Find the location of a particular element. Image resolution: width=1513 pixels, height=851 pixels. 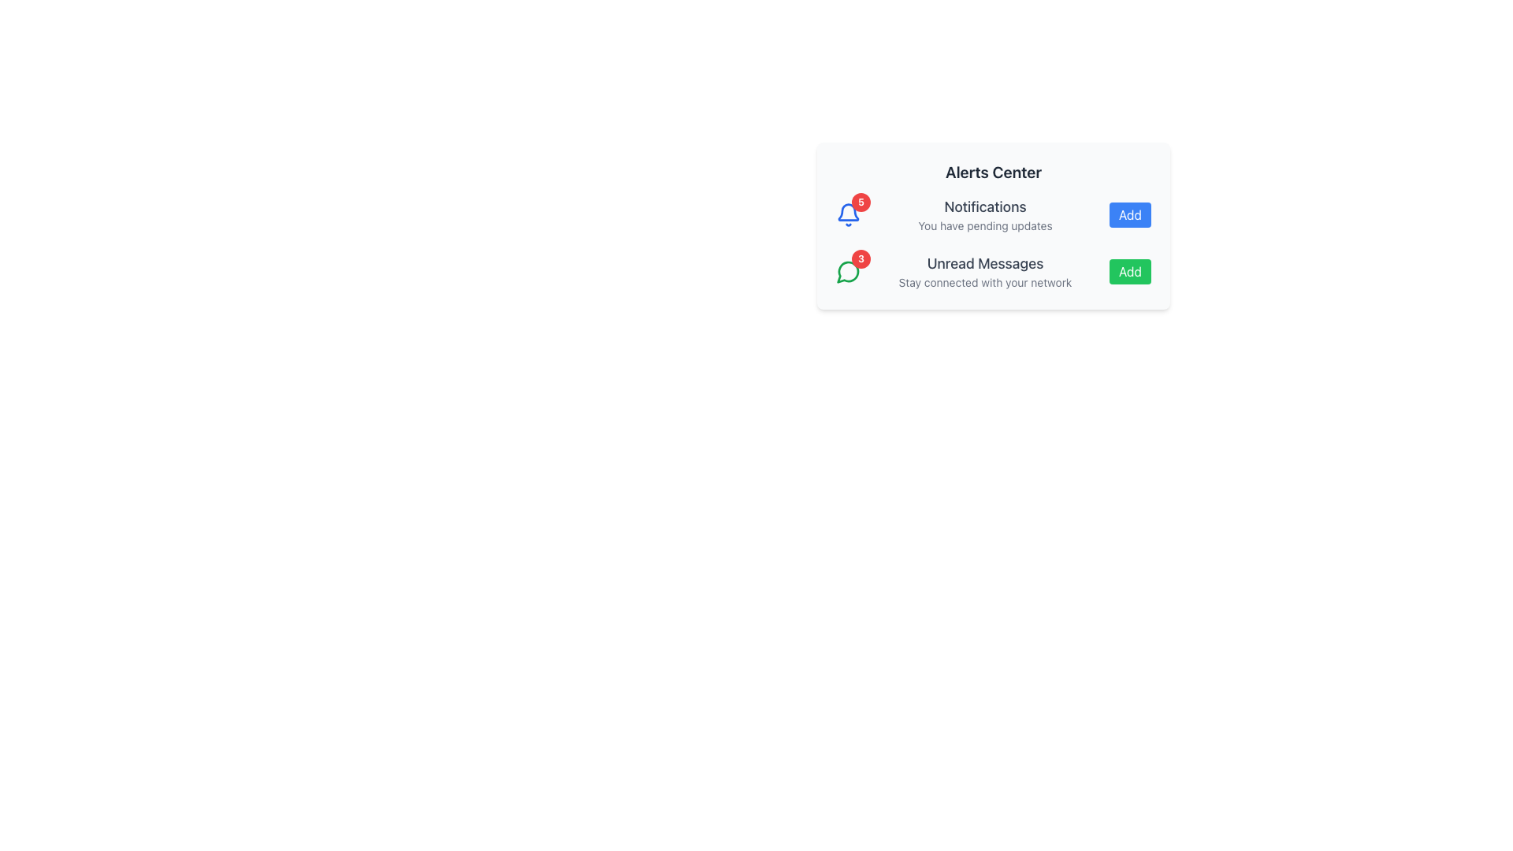

the Text Label displaying 'You have pending updates', located below the 'Notifications' heading in the 'Alerts Center' module is located at coordinates (984, 225).